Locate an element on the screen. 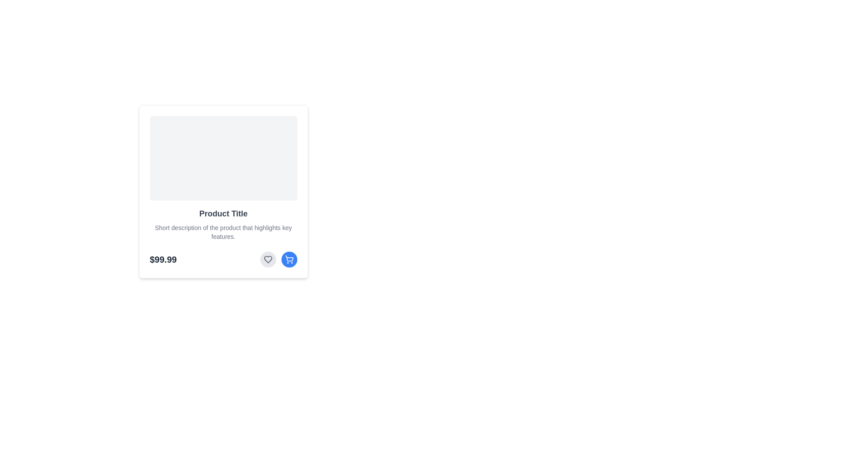  the 'Add to Cart' button located is located at coordinates (289, 259).